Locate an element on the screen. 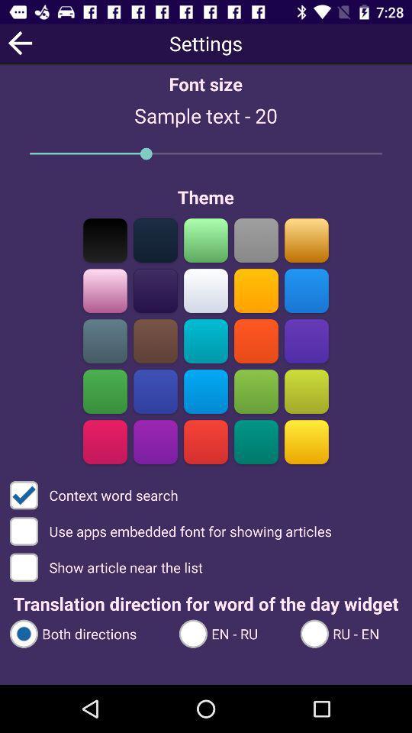 The width and height of the screenshot is (412, 733). choose theme is located at coordinates (306, 240).